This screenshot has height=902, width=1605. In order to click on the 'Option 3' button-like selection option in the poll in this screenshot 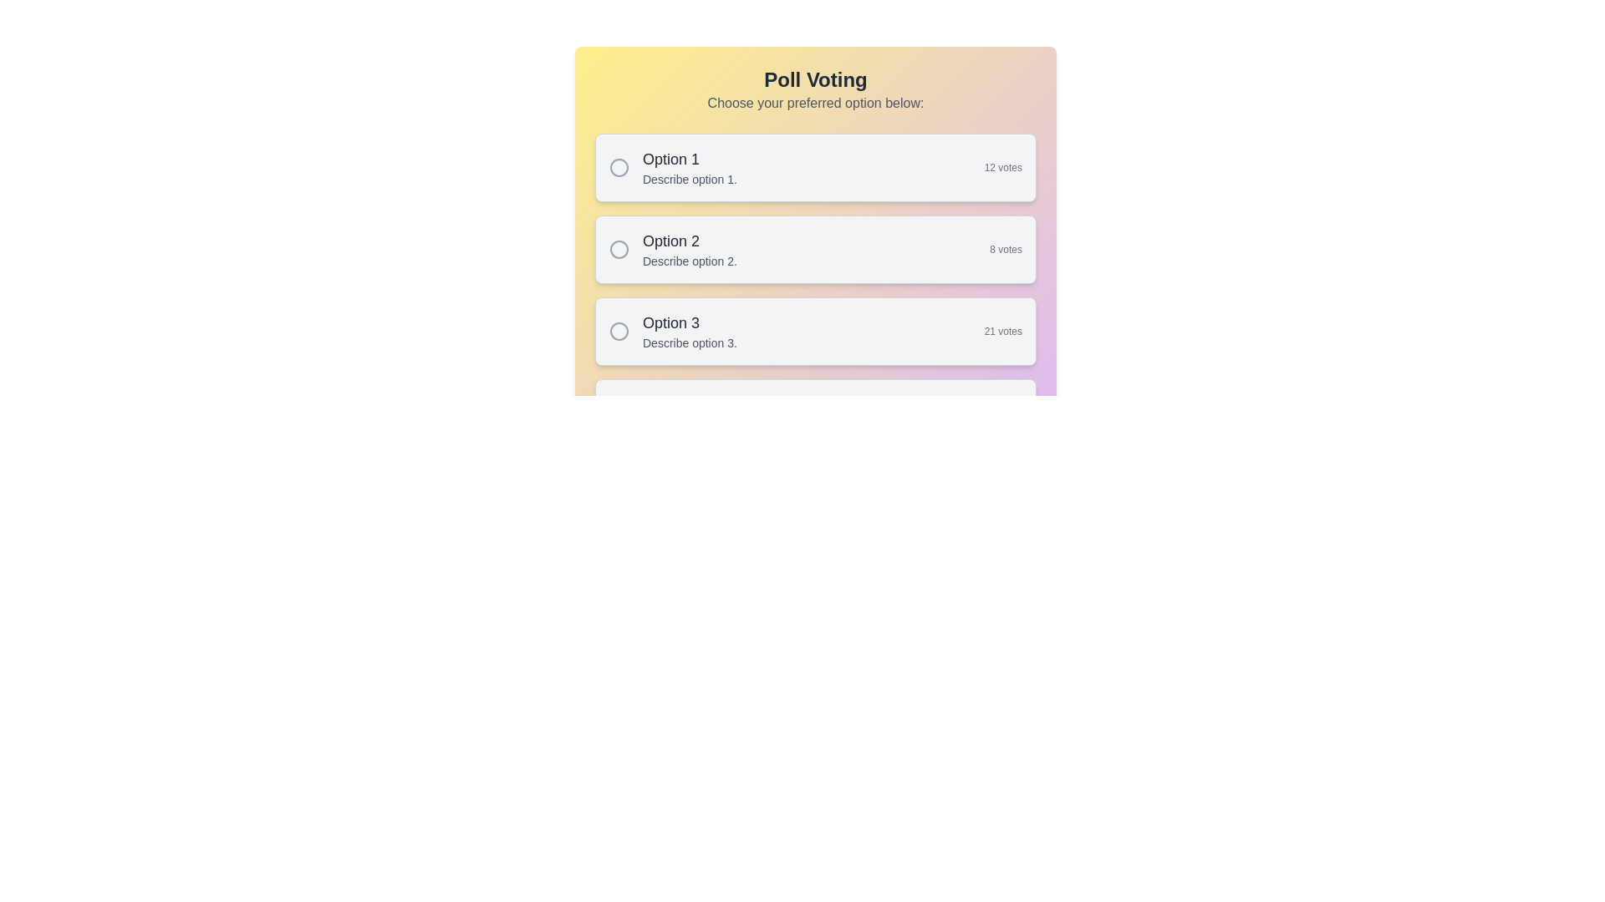, I will do `click(815, 332)`.